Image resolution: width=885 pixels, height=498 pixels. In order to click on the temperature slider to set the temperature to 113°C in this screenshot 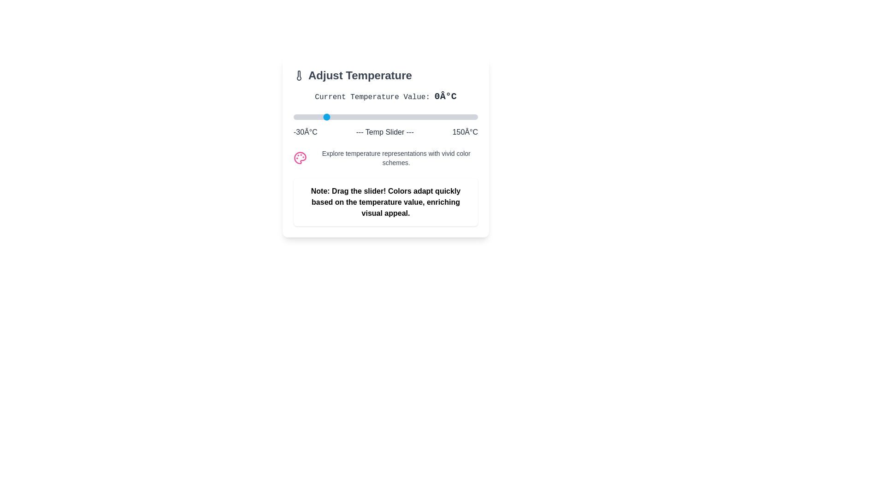, I will do `click(439, 117)`.